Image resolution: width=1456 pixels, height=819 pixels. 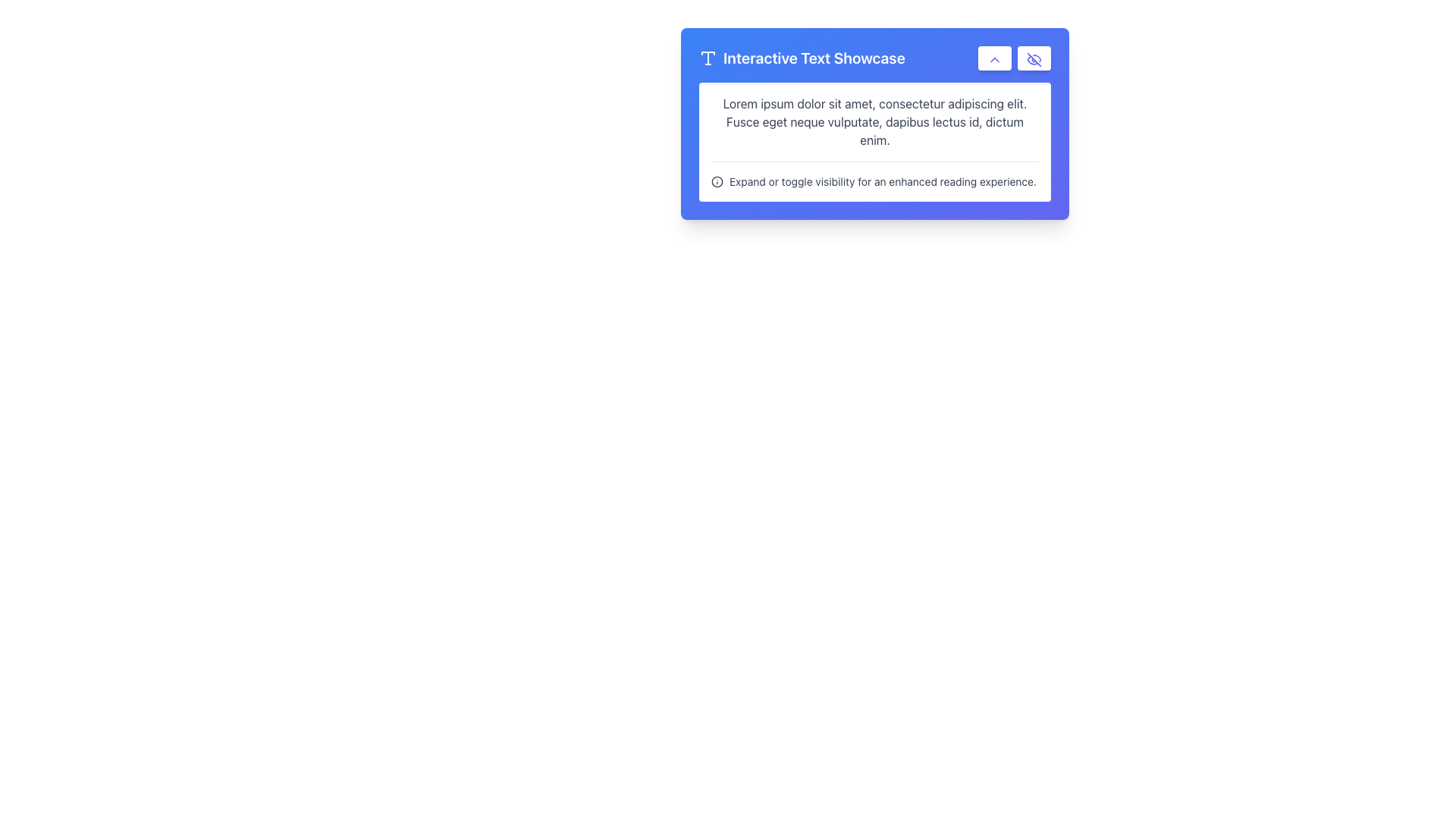 I want to click on the button located at the top-right corner of the blue information card, so click(x=994, y=58).